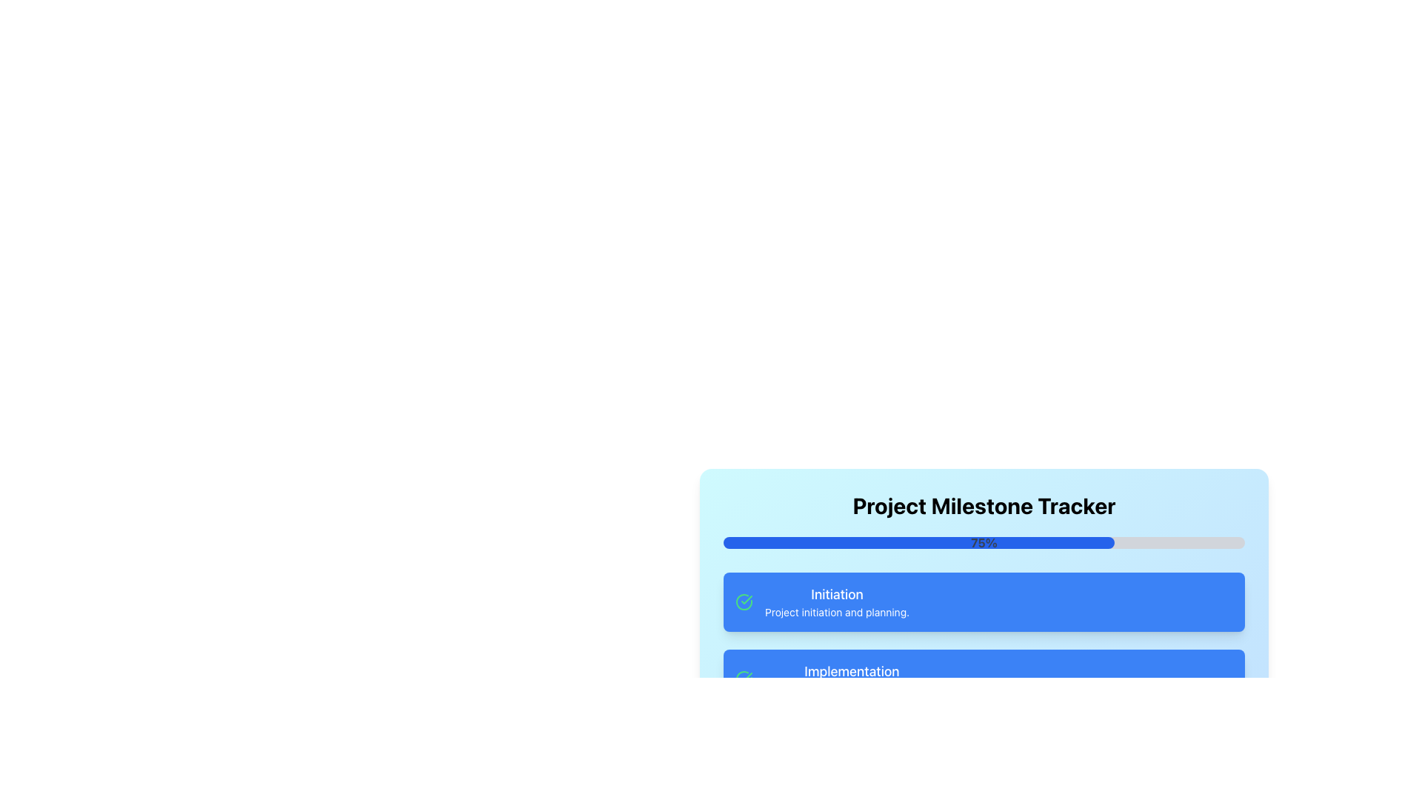 The width and height of the screenshot is (1422, 800). What do you see at coordinates (918, 542) in the screenshot?
I see `the progress bar that visually represents 75% completion, located below the 'Project Milestone Tracker' heading` at bounding box center [918, 542].